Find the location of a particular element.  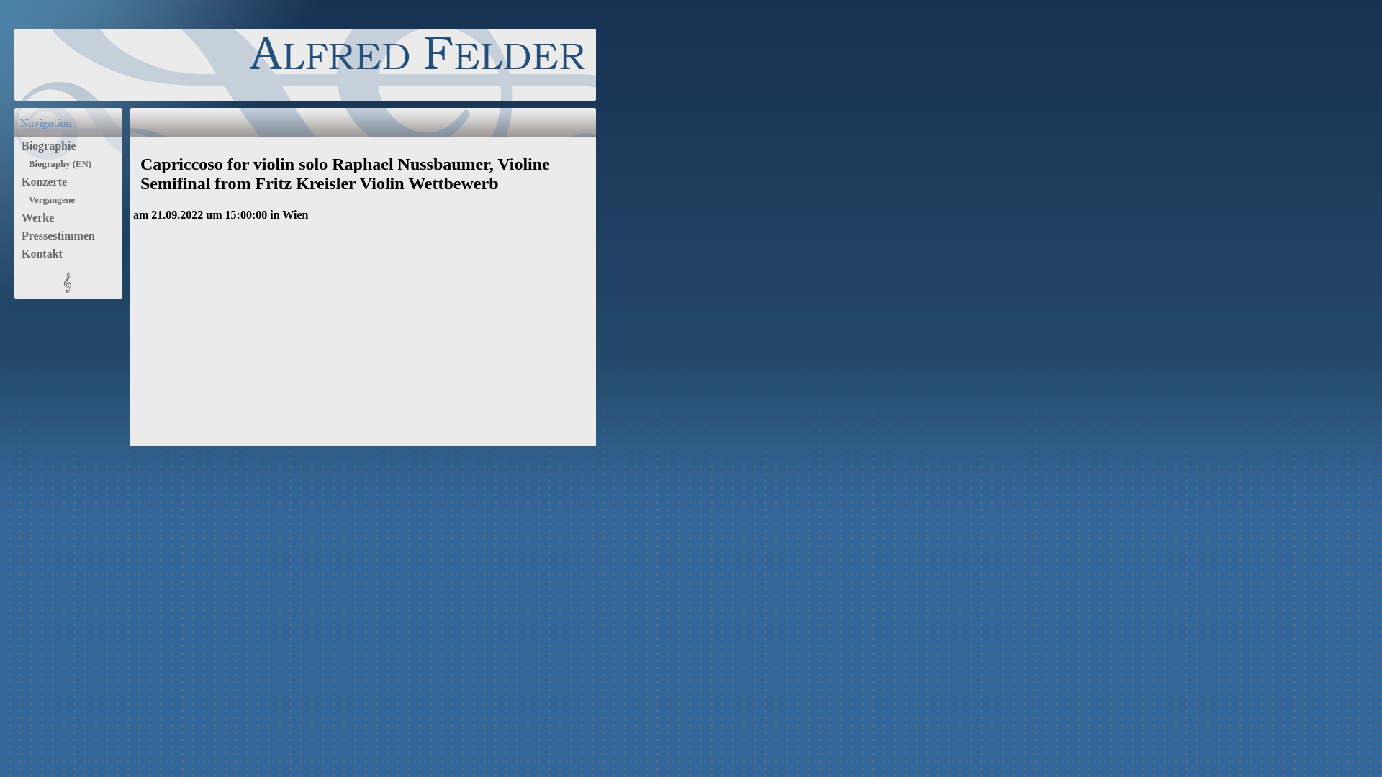

'Vergangene' is located at coordinates (48, 199).